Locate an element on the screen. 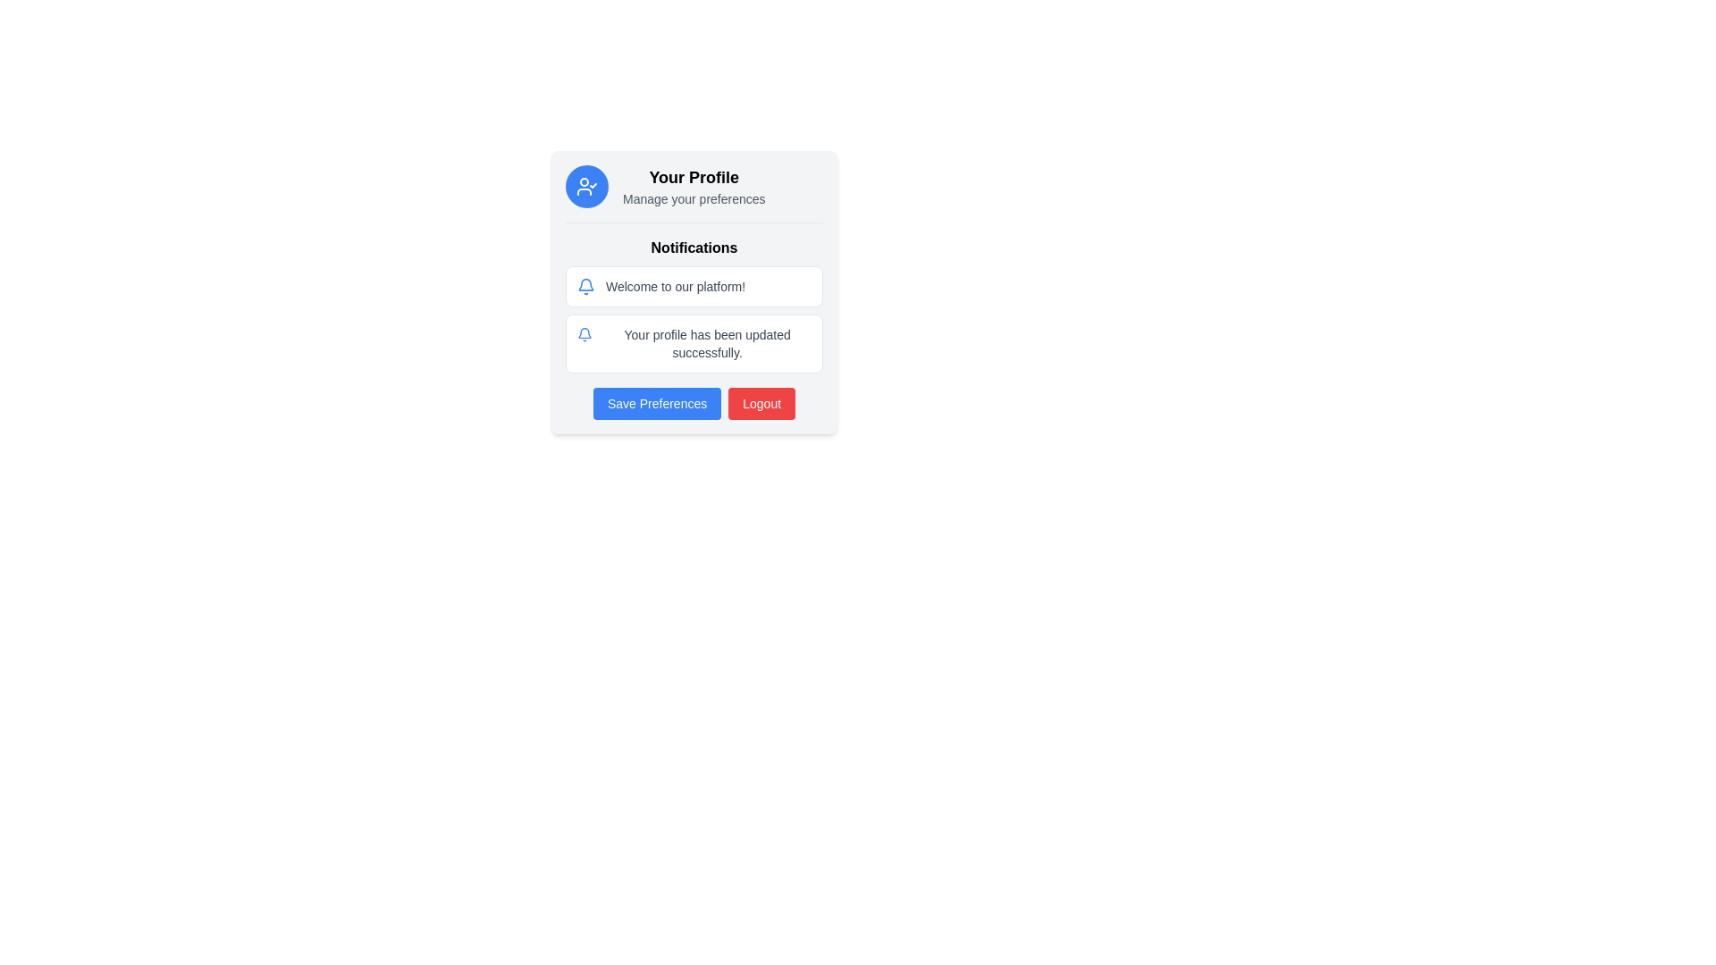 The width and height of the screenshot is (1716, 965). the non-interactive notification message informing the user about the successful update of their profile, located in the second position within the 'Notifications' section is located at coordinates (694, 344).